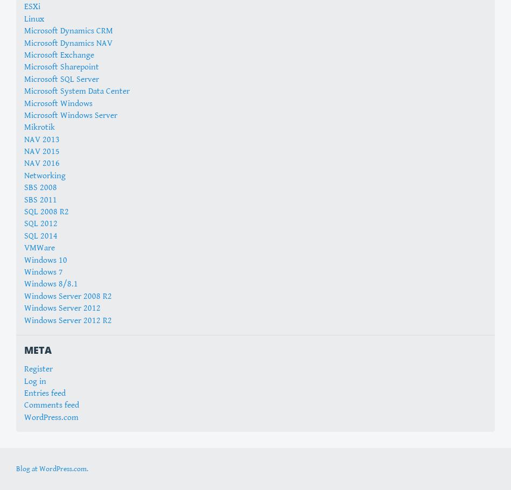 This screenshot has width=511, height=490. I want to click on 'NAV 2016', so click(41, 163).